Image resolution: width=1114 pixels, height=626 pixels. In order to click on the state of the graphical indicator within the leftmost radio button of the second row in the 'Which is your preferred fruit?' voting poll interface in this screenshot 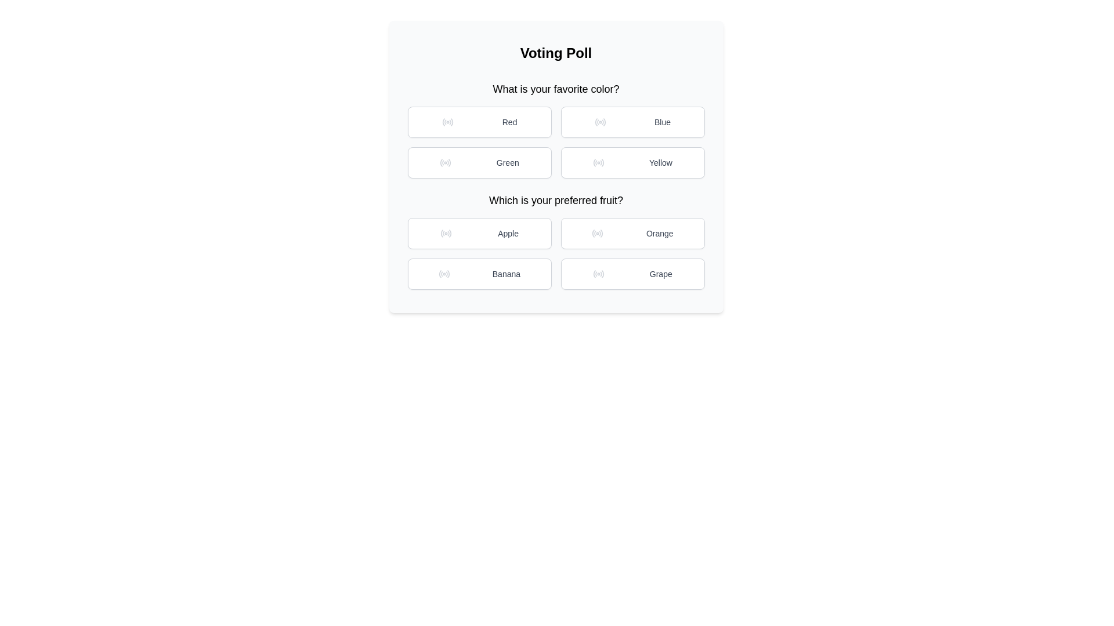, I will do `click(439, 274)`.